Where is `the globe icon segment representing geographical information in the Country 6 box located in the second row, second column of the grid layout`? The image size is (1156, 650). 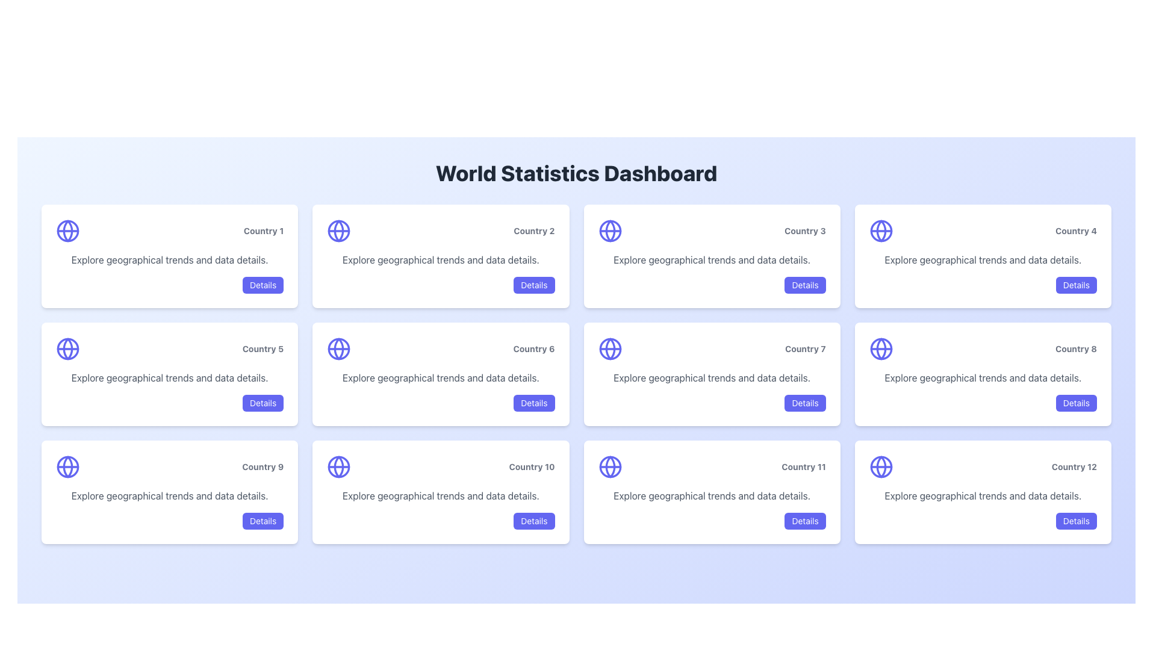 the globe icon segment representing geographical information in the Country 6 box located in the second row, second column of the grid layout is located at coordinates (338, 348).